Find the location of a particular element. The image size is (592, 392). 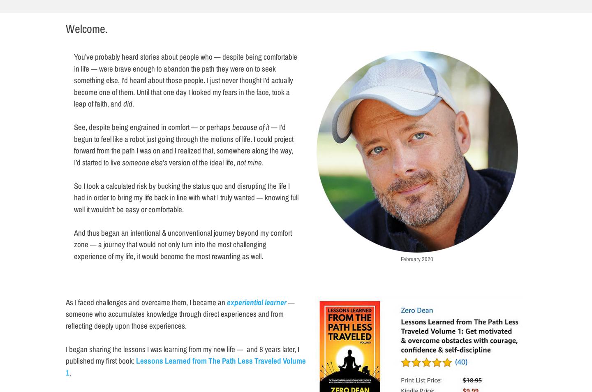

'I began sharing the lessons I was learning from my new life —  and 8 years later, I published my first book:' is located at coordinates (182, 355).